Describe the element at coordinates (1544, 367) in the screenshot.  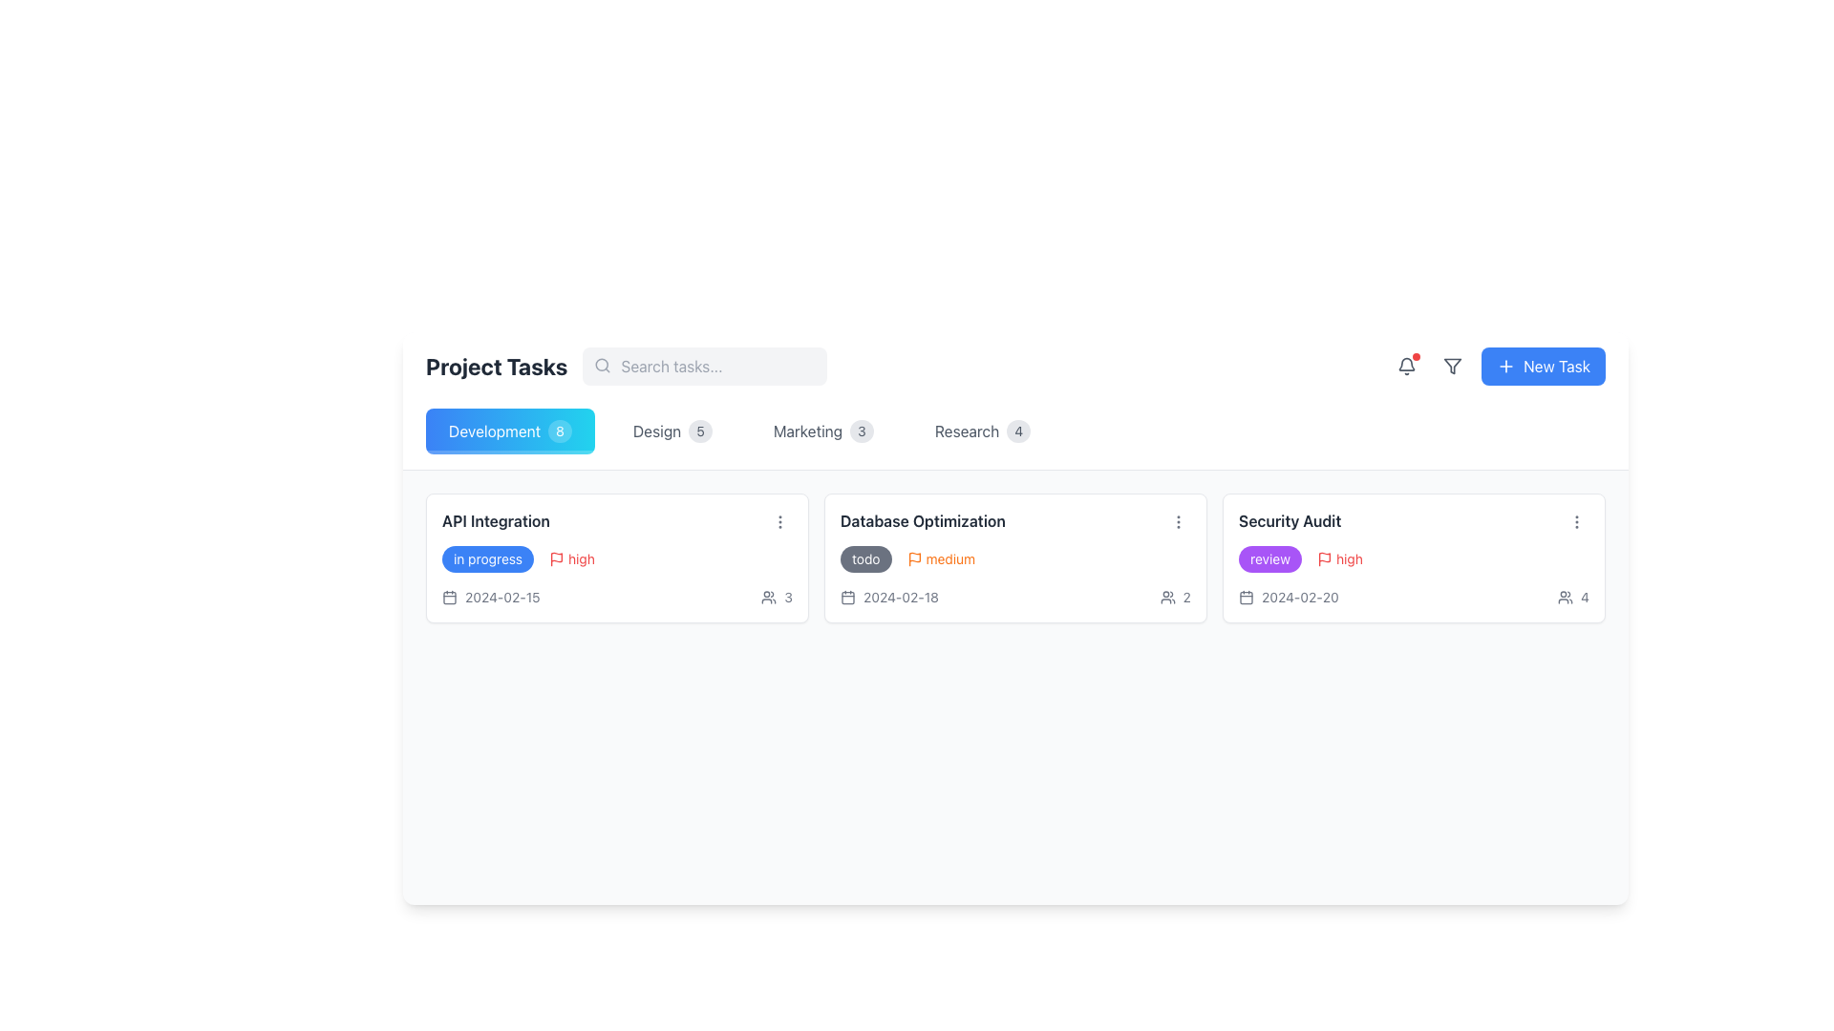
I see `the 'New Task' button located at the top-right corner of the interface to create a new task` at that location.